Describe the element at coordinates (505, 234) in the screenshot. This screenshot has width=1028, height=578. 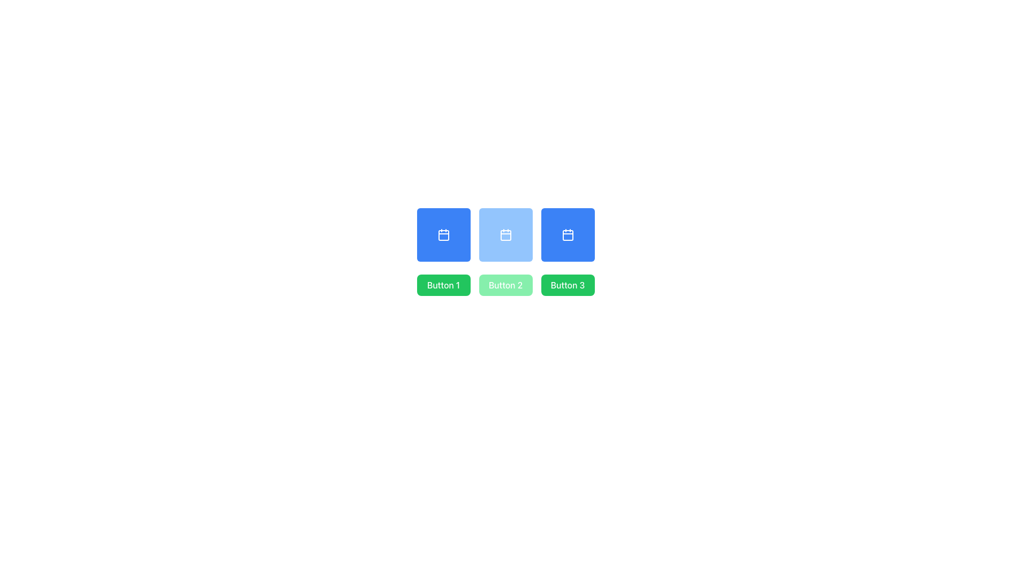
I see `the light blue square button labeled 'Button 2' that features a calendar icon, positioned above a row of texts` at that location.